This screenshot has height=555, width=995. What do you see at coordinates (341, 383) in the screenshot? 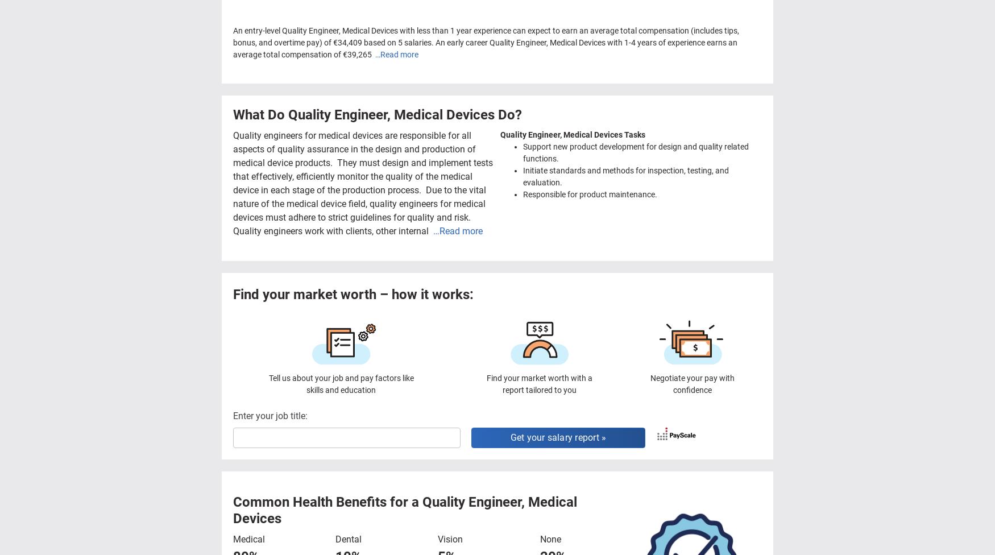
I see `'Tell us about your job and pay factors like skills and education'` at bounding box center [341, 383].